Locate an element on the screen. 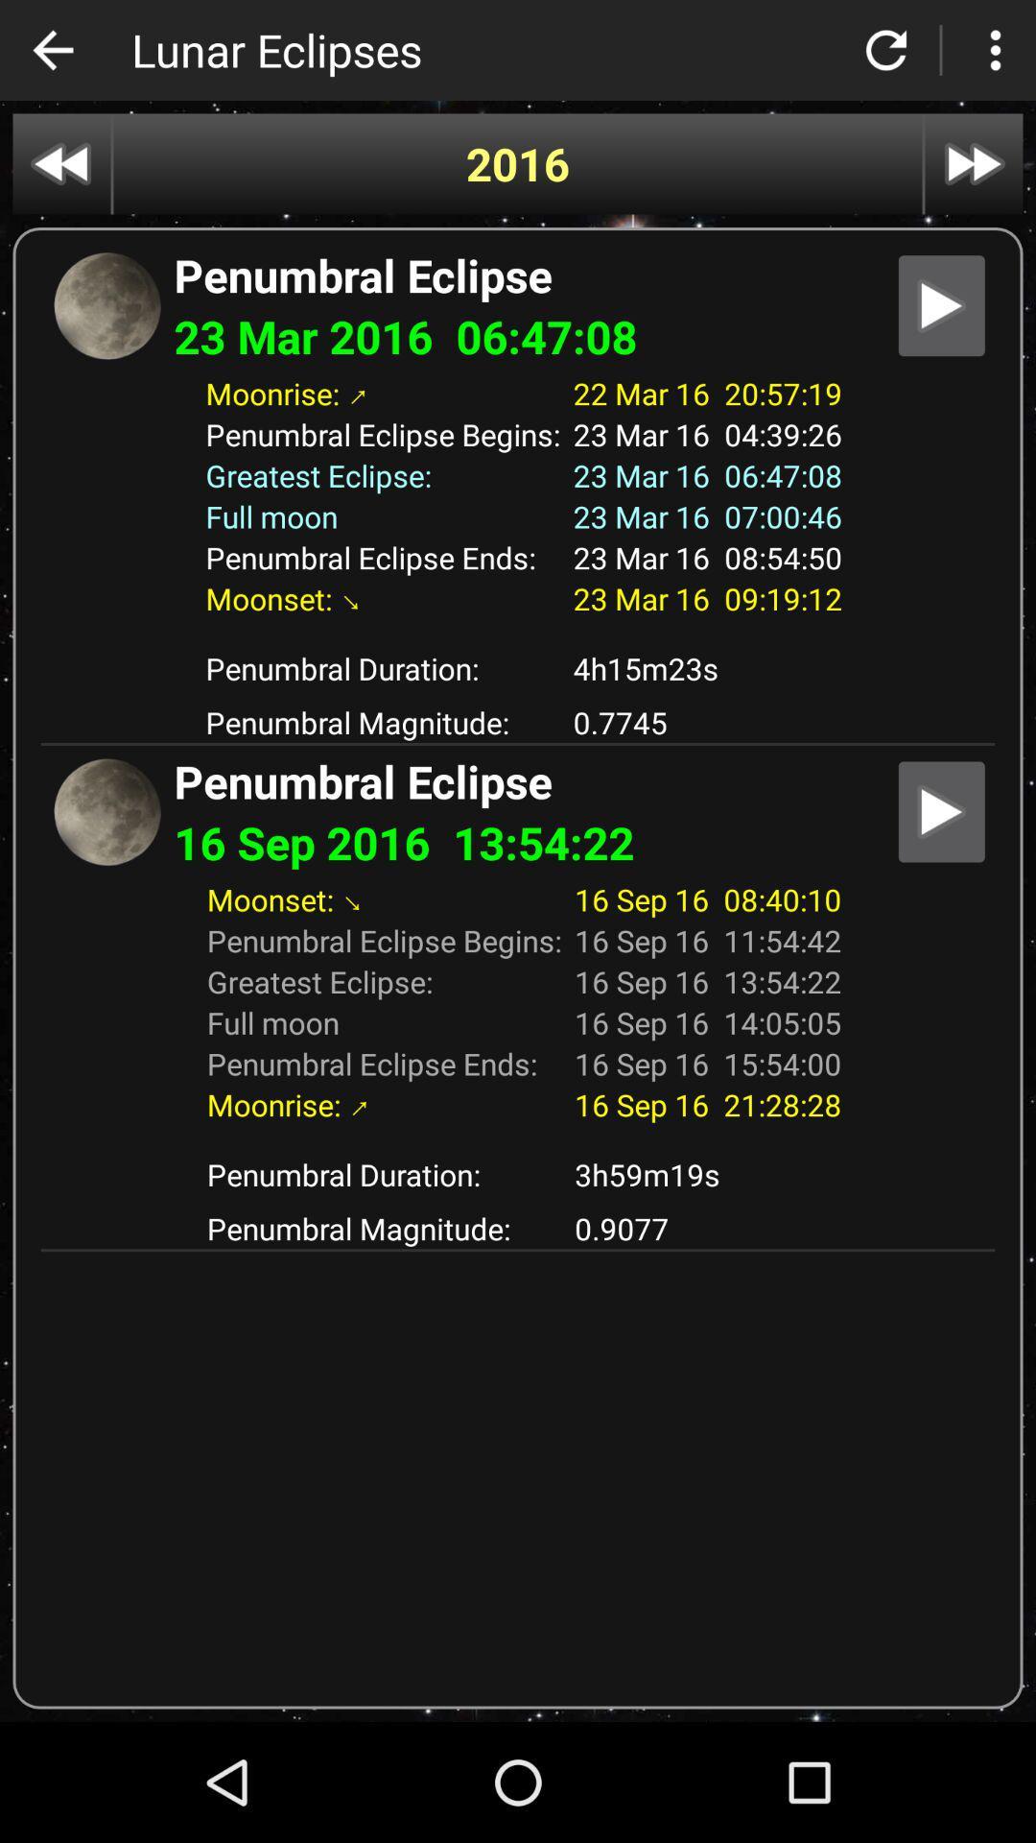  icon above penumbral duration: app is located at coordinates (518, 1139).